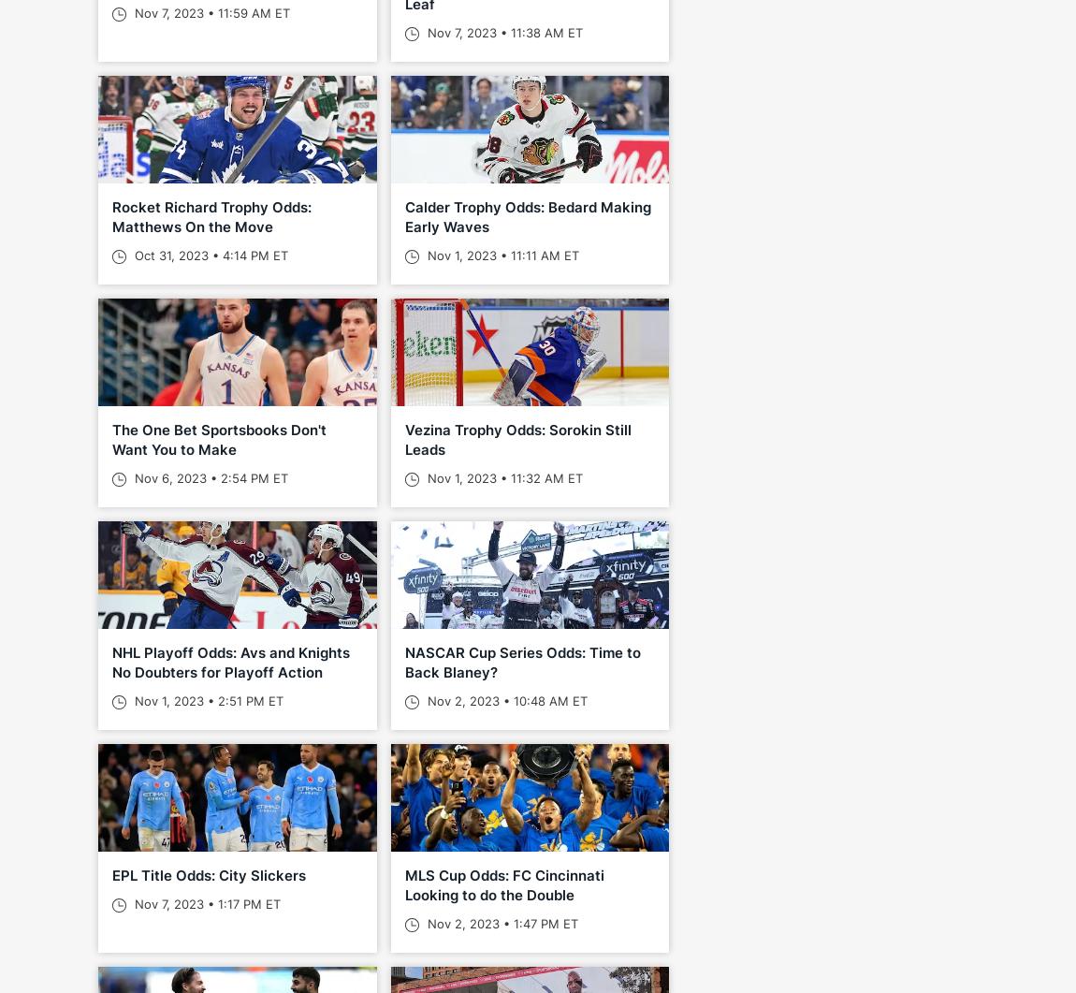  I want to click on 'EPL Title Odds: City Slickers', so click(208, 874).